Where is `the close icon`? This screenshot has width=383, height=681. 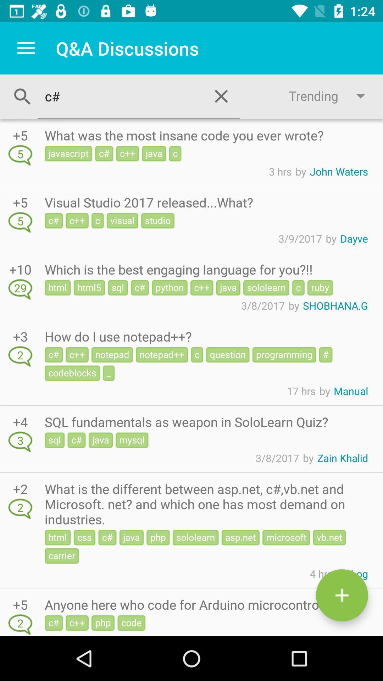 the close icon is located at coordinates (221, 96).